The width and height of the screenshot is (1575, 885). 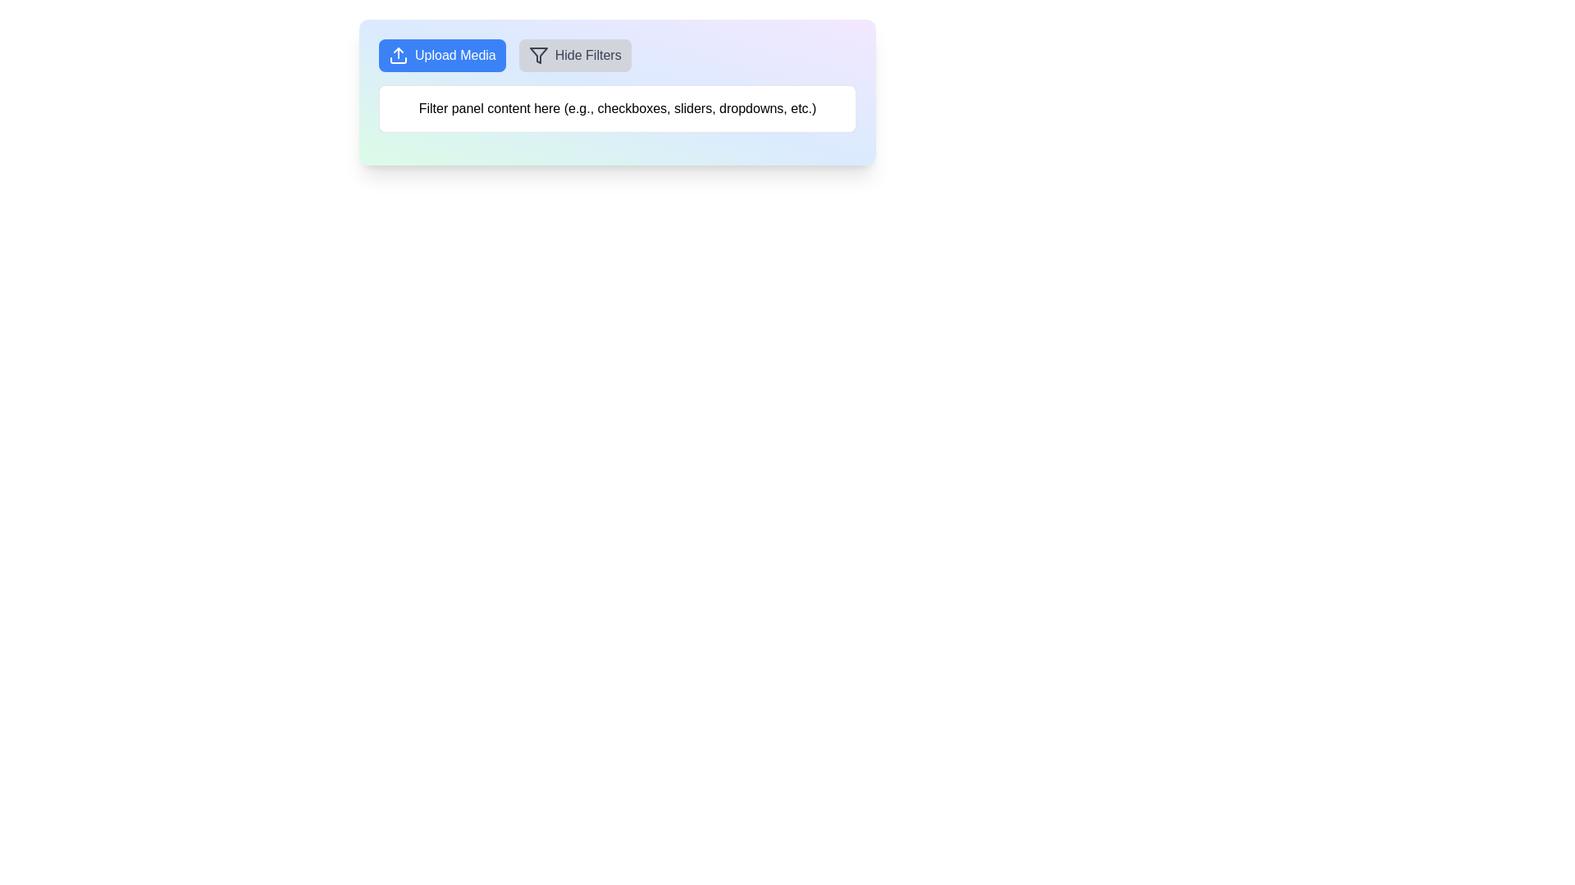 I want to click on the horizontal UI grouping of the blue and gray buttons, so click(x=617, y=55).